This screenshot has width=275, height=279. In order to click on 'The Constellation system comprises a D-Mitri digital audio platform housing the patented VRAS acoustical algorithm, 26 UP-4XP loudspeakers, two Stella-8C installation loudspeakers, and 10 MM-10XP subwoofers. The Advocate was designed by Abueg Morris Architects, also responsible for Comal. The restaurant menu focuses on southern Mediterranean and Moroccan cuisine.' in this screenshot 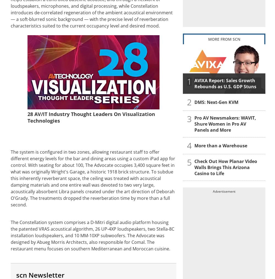, I will do `click(92, 235)`.